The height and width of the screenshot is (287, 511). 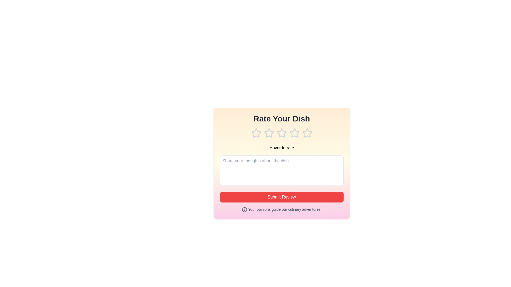 I want to click on the star corresponding to 4 to preview the rating, so click(x=294, y=133).